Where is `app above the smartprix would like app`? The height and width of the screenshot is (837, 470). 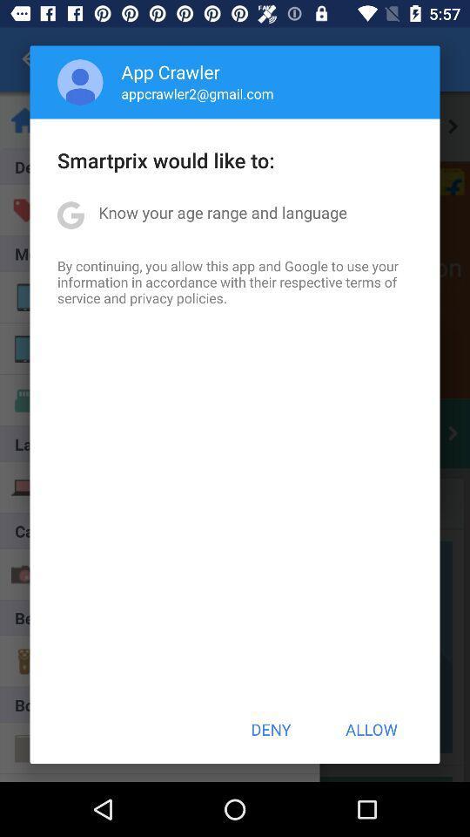
app above the smartprix would like app is located at coordinates (79, 82).